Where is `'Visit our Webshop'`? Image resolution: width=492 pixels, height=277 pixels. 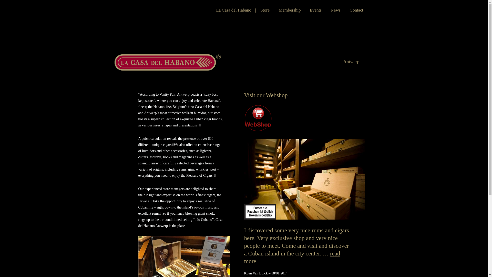
'Visit our Webshop' is located at coordinates (243, 95).